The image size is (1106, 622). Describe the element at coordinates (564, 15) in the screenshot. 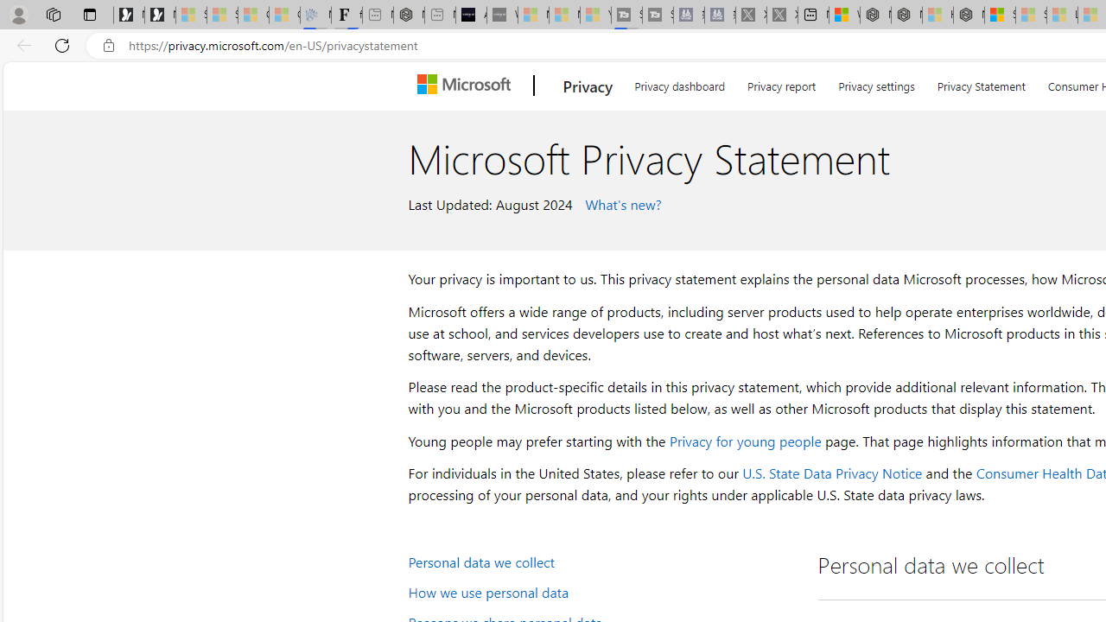

I see `'Microsoft Start - Sleeping'` at that location.